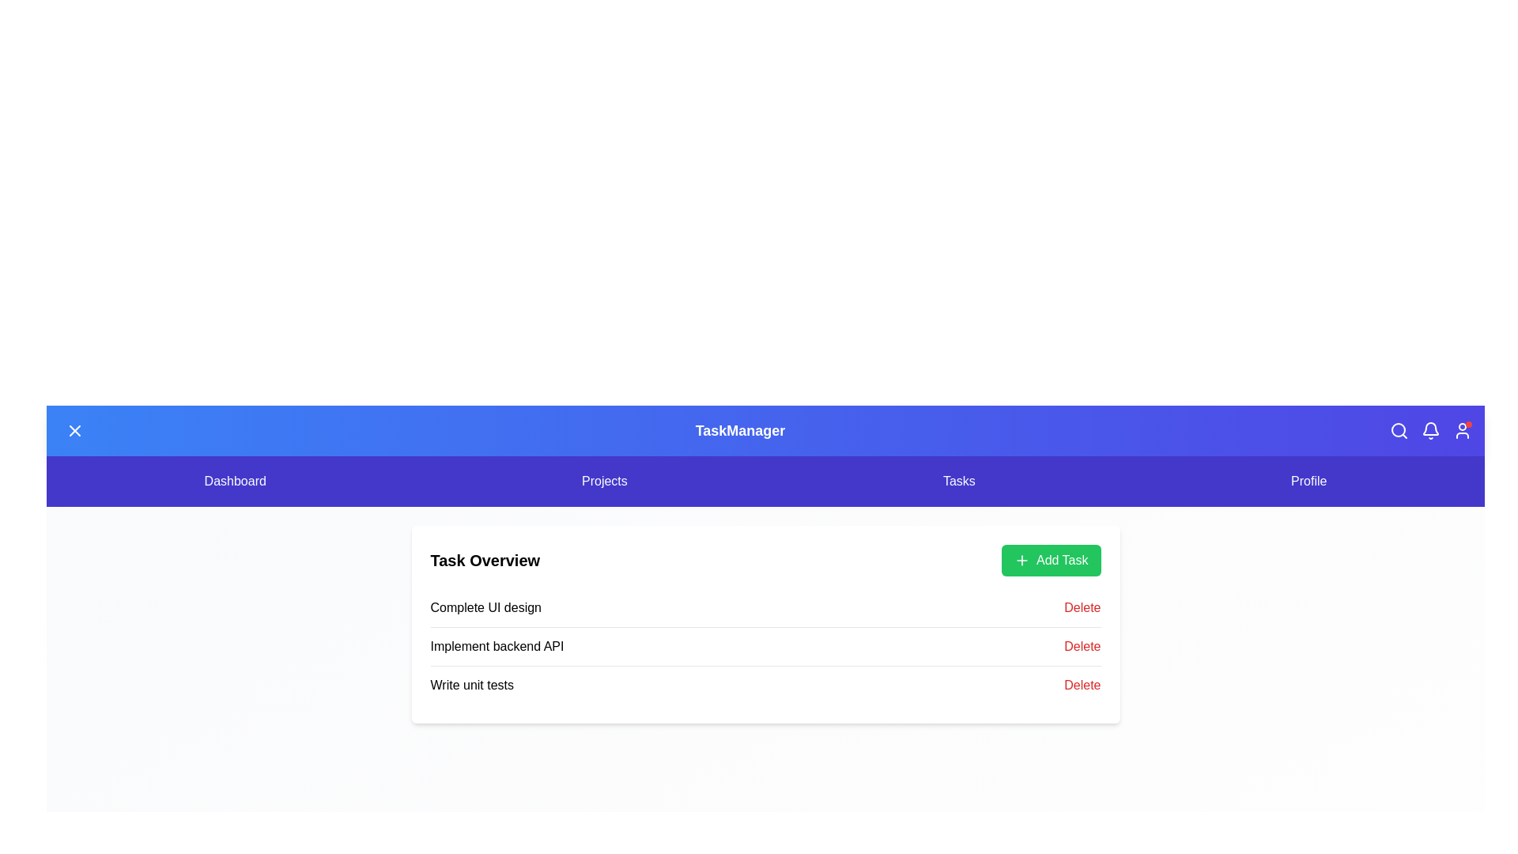 Image resolution: width=1518 pixels, height=854 pixels. Describe the element at coordinates (1399, 430) in the screenshot. I see `the search icon to initiate the search functionality` at that location.